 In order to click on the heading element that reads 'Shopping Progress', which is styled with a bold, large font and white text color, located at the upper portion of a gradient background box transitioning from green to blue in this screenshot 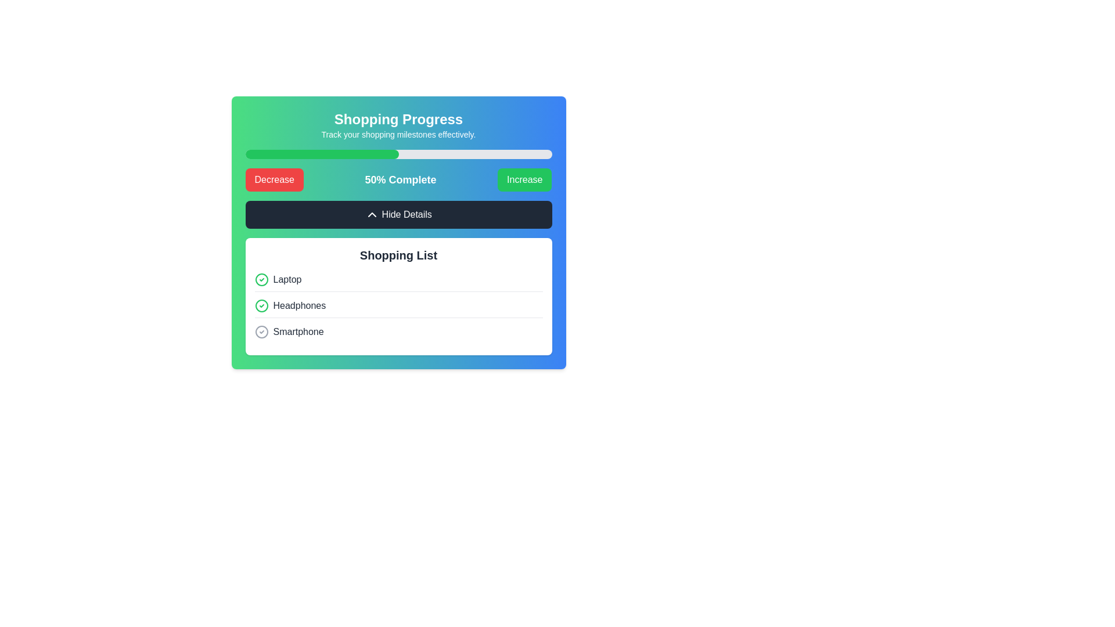, I will do `click(398, 119)`.